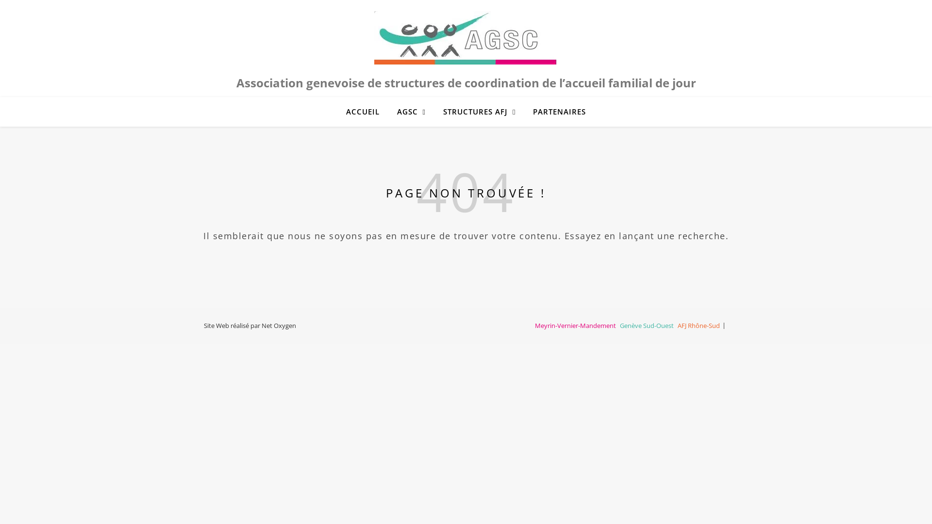  Describe the element at coordinates (366, 111) in the screenshot. I see `'ACCUEIL'` at that location.